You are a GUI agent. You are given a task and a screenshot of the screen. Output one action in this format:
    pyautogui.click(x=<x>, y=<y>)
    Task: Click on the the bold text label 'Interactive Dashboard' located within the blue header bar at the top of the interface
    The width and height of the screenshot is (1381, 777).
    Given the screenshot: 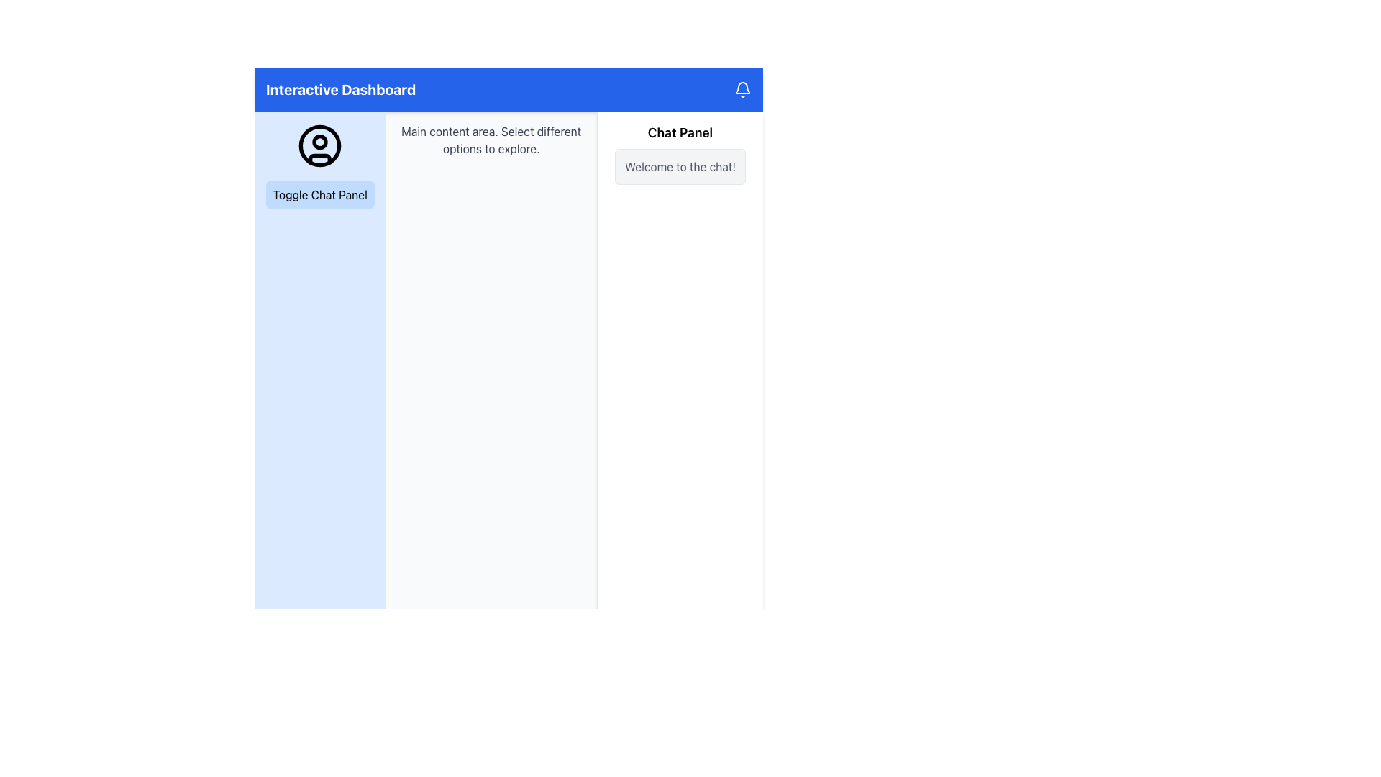 What is the action you would take?
    pyautogui.click(x=340, y=89)
    